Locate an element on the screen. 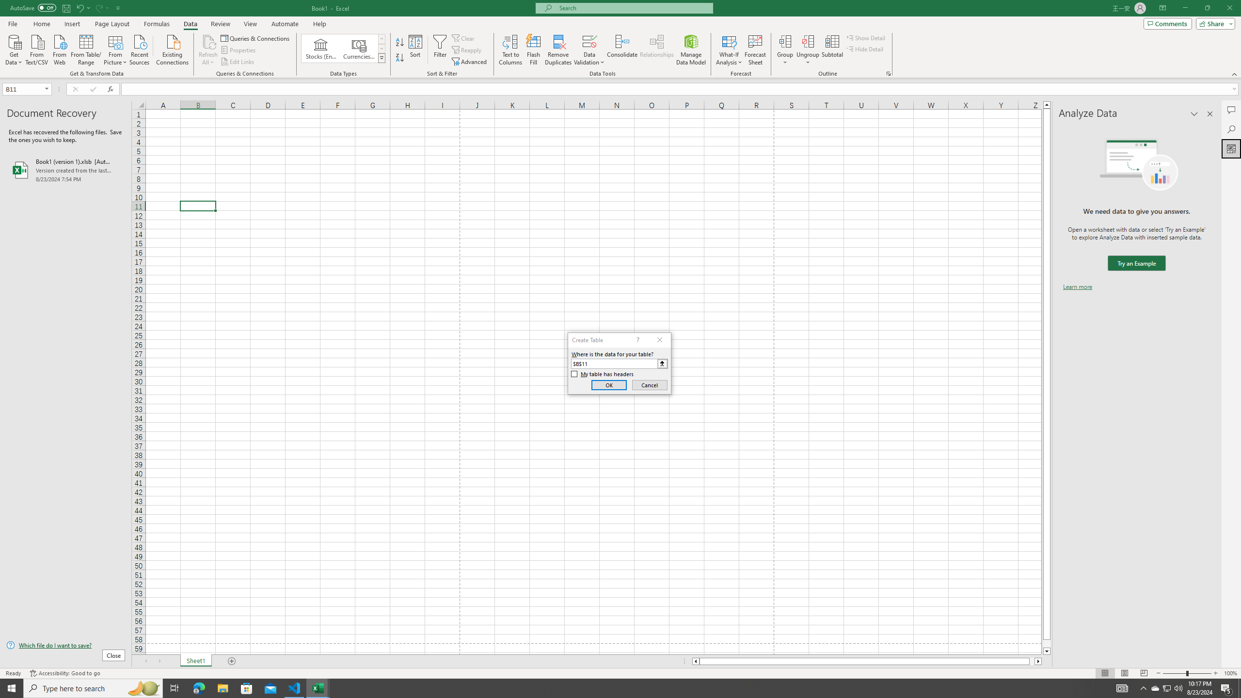 The width and height of the screenshot is (1241, 698). 'Ungroup...' is located at coordinates (808, 50).